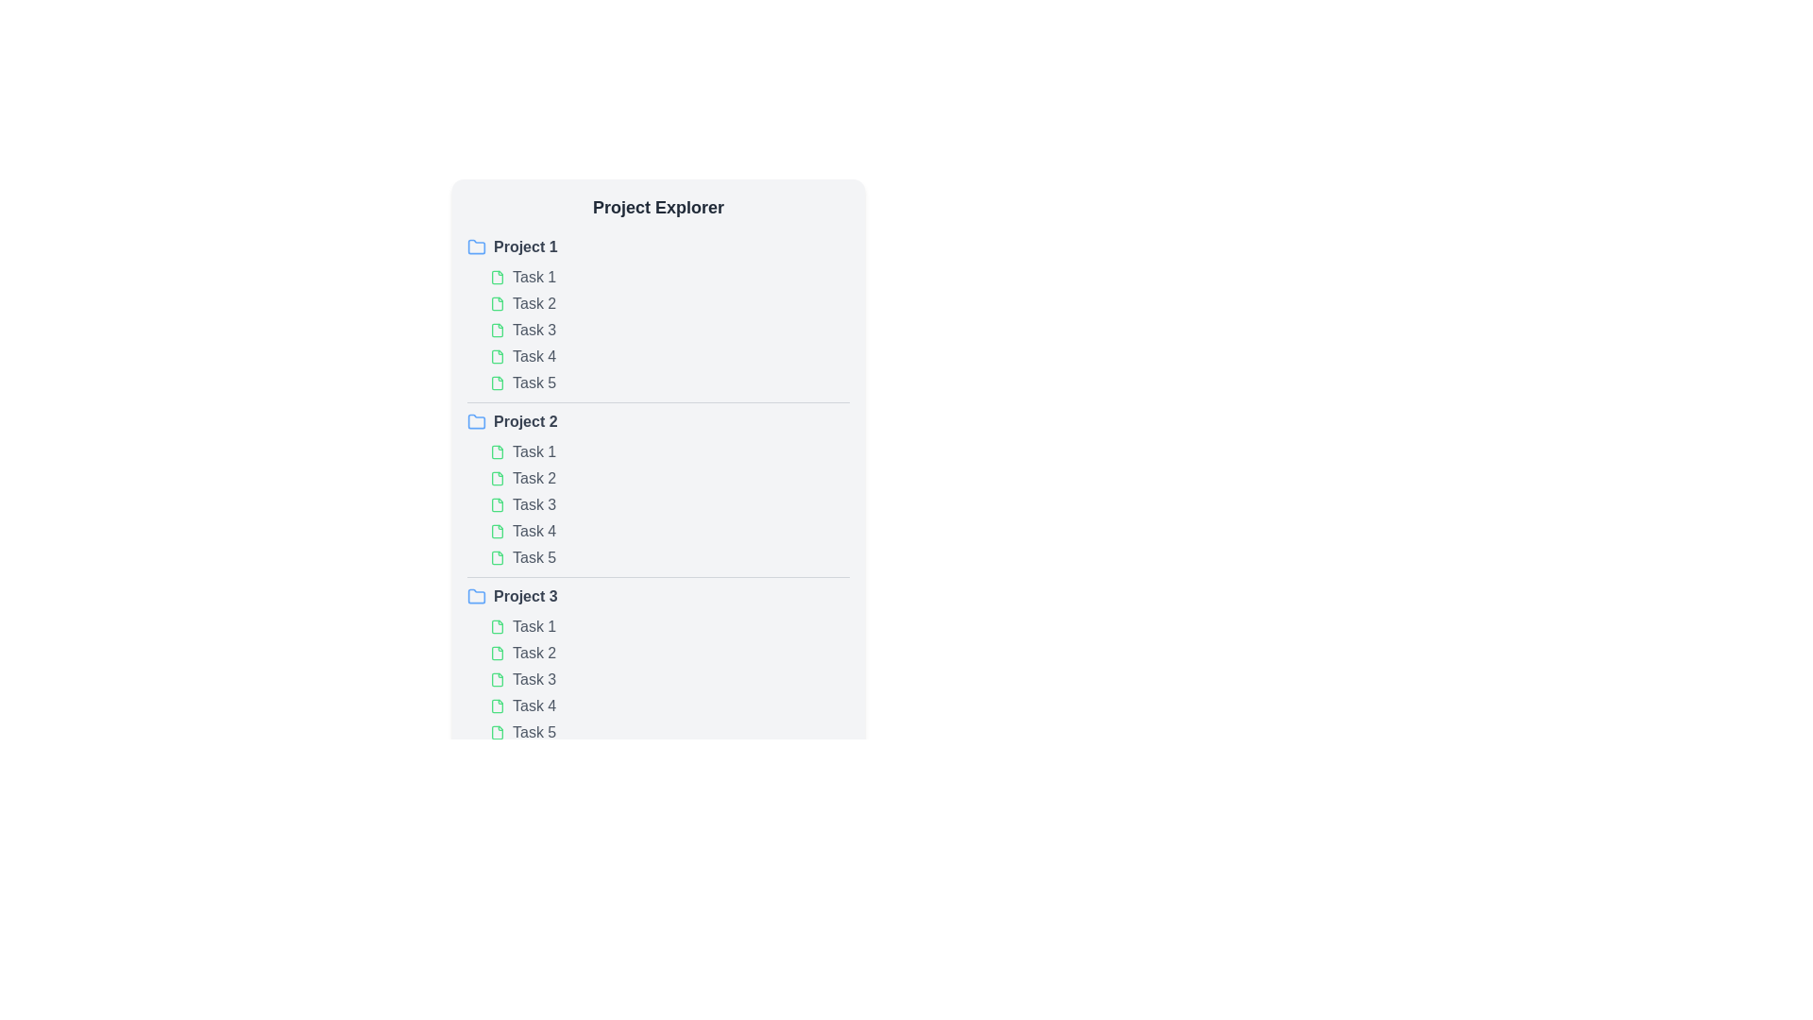 This screenshot has width=1813, height=1020. I want to click on the document icon associated with 'Task 3' in the third project section of the project explorer to visually denote the linked resource, so click(498, 680).